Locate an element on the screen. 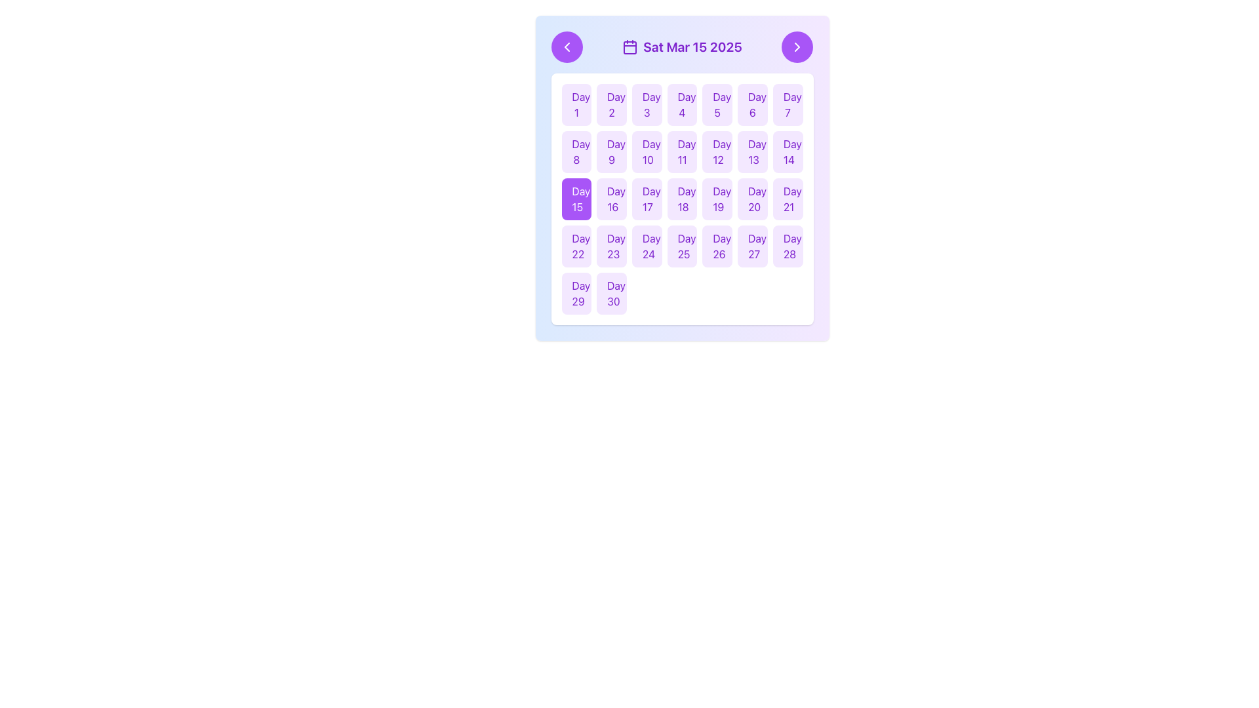 This screenshot has height=708, width=1259. the 'Day 8' button, which is a rectangular button with rounded edges, light purple background, and bold purple text is located at coordinates (576, 151).